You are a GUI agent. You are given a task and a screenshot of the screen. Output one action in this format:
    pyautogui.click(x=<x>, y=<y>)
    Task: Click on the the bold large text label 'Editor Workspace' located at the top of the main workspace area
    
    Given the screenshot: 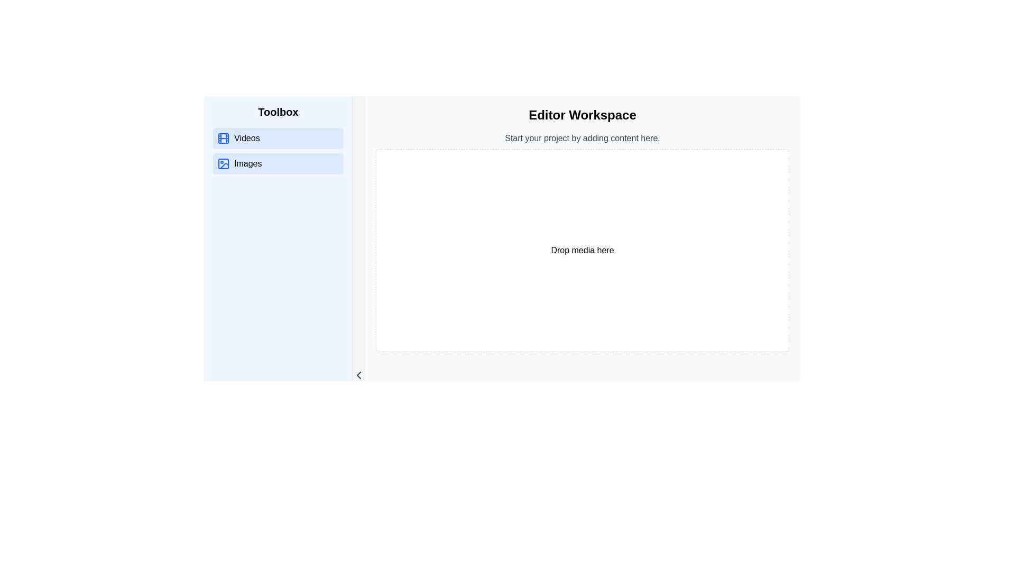 What is the action you would take?
    pyautogui.click(x=582, y=115)
    